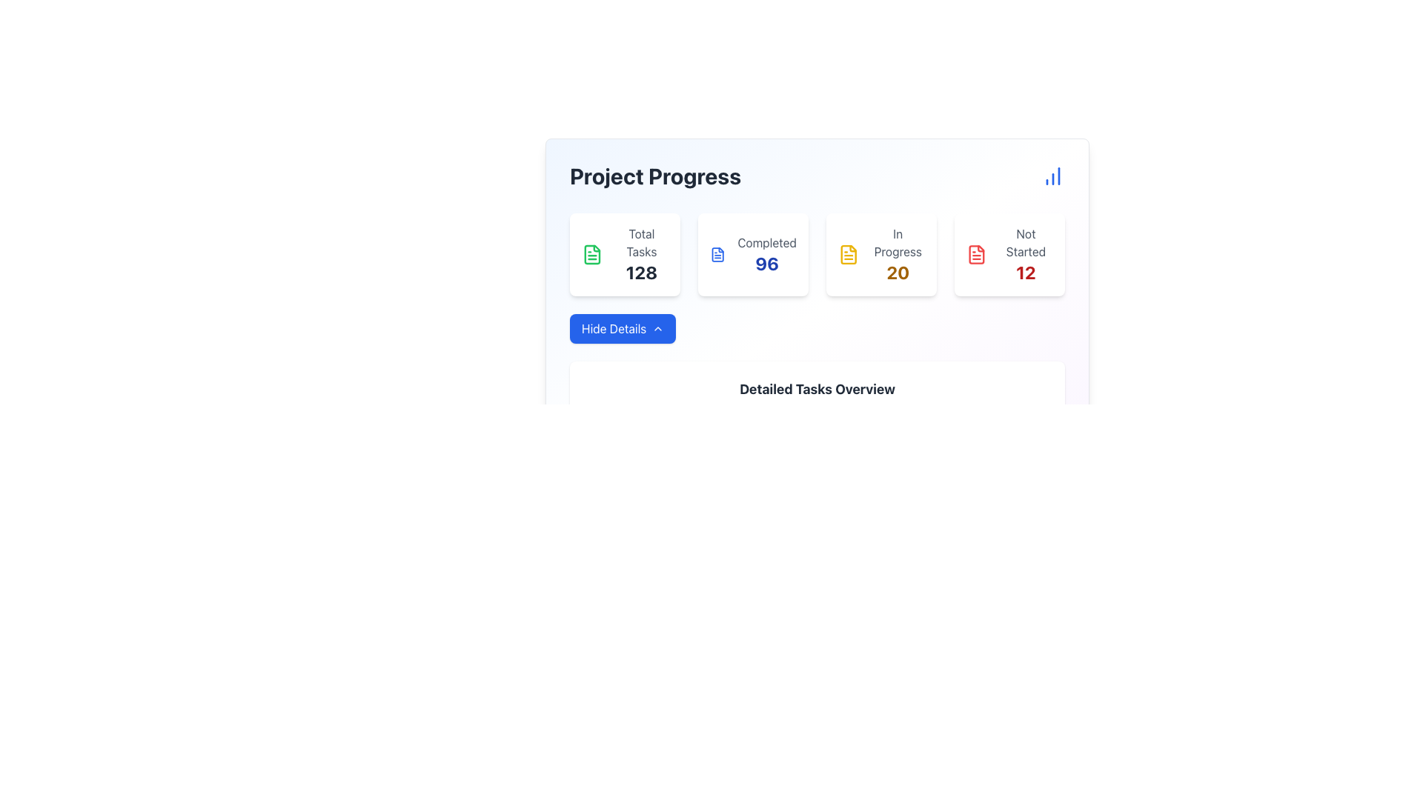 The image size is (1423, 800). I want to click on the prominently styled red number '12' in a bold font, which is visually enclosed in a box and located under the 'Not Started' label, so click(1025, 272).